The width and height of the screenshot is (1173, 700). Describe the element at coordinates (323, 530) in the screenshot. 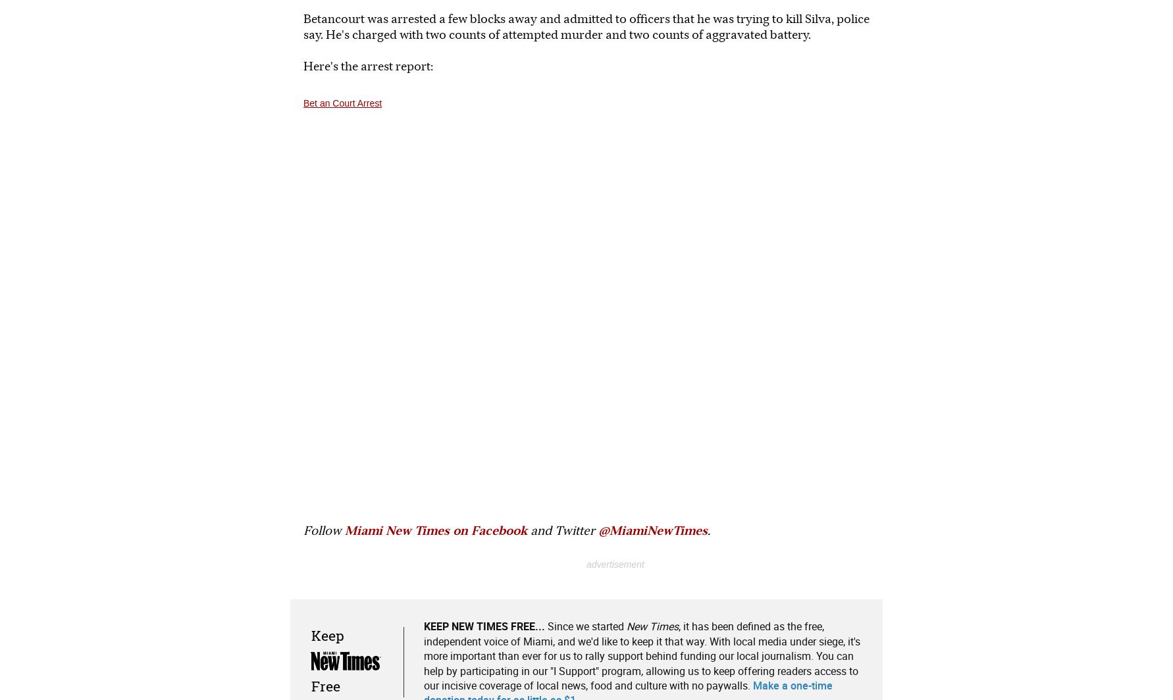

I see `'Follow'` at that location.